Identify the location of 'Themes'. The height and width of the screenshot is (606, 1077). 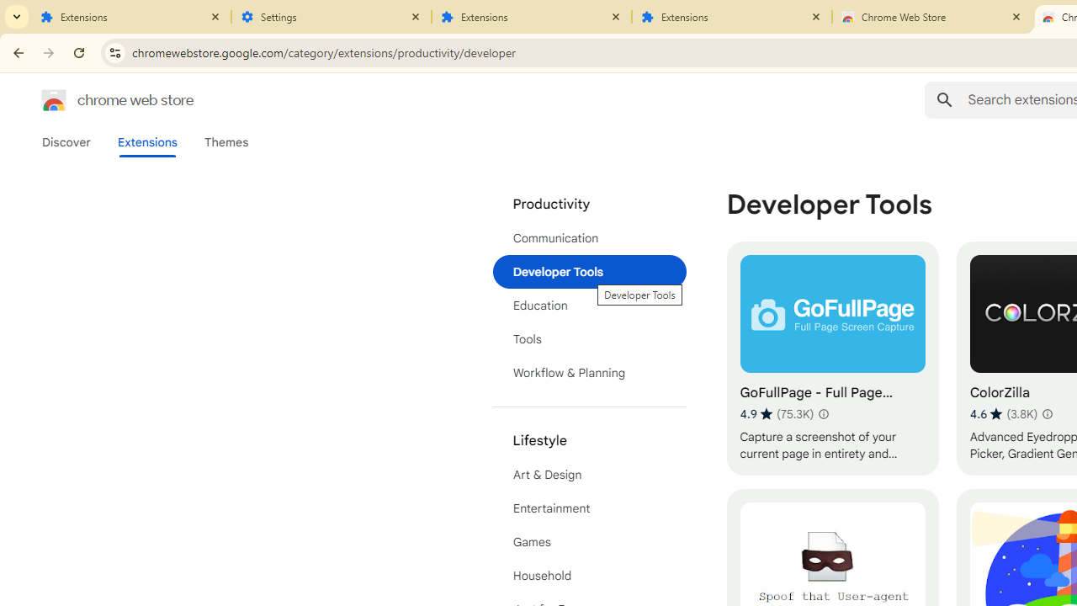
(225, 141).